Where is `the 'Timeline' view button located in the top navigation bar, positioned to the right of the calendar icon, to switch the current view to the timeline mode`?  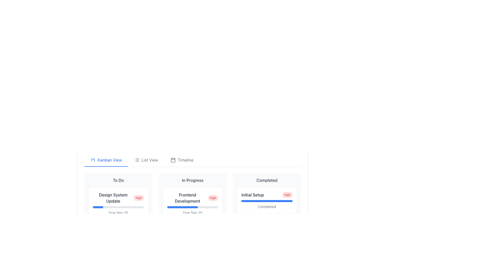
the 'Timeline' view button located in the top navigation bar, positioned to the right of the calendar icon, to switch the current view to the timeline mode is located at coordinates (185, 160).